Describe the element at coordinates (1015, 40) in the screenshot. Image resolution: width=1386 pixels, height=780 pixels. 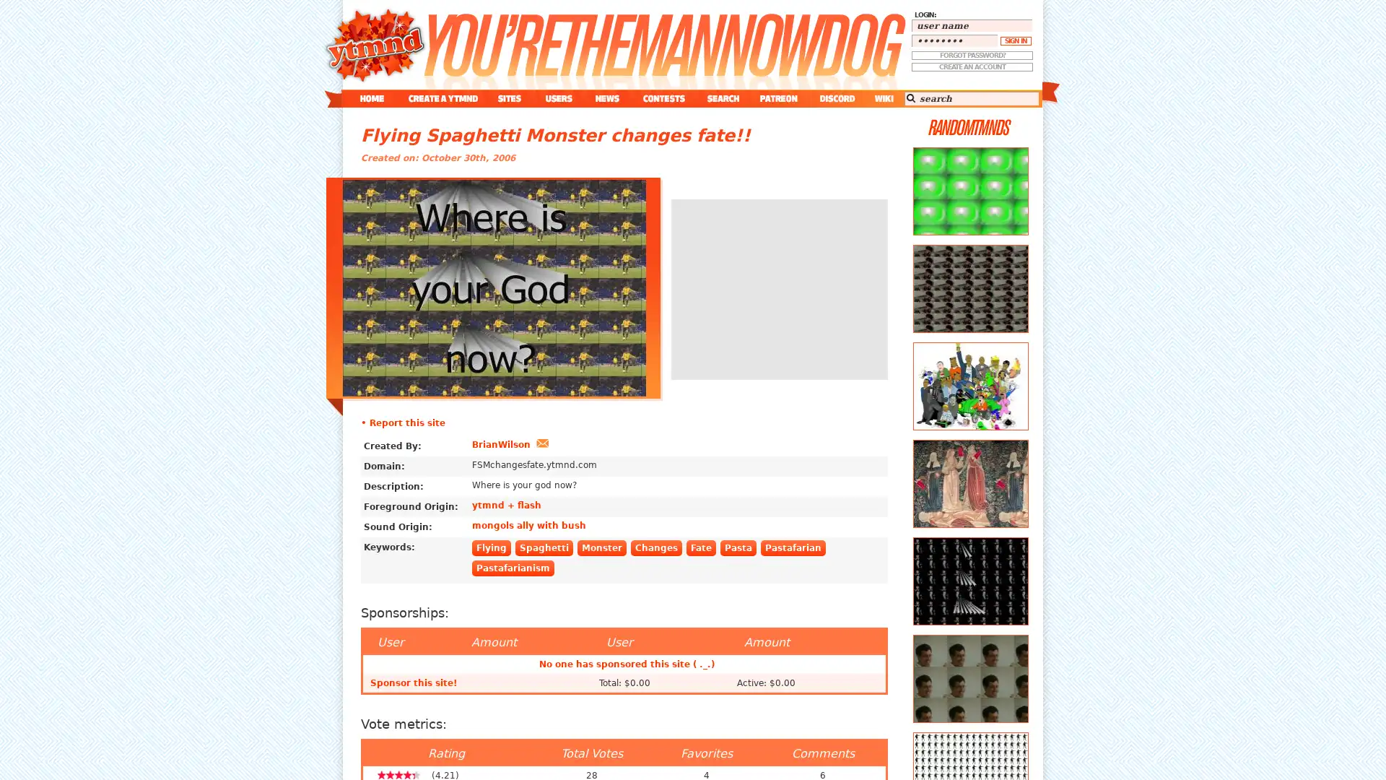
I see `sign in` at that location.